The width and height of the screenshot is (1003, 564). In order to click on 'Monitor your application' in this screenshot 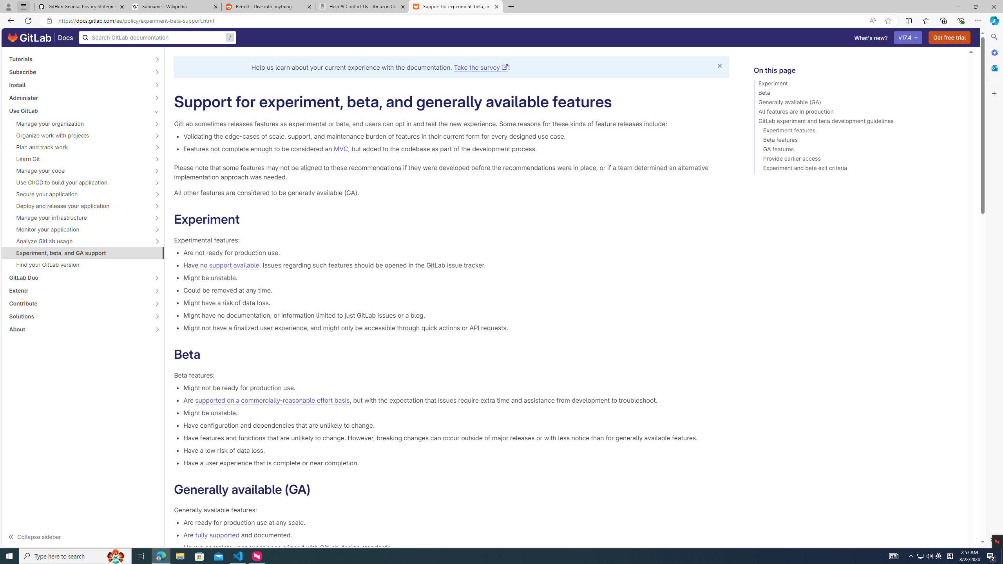, I will do `click(78, 229)`.